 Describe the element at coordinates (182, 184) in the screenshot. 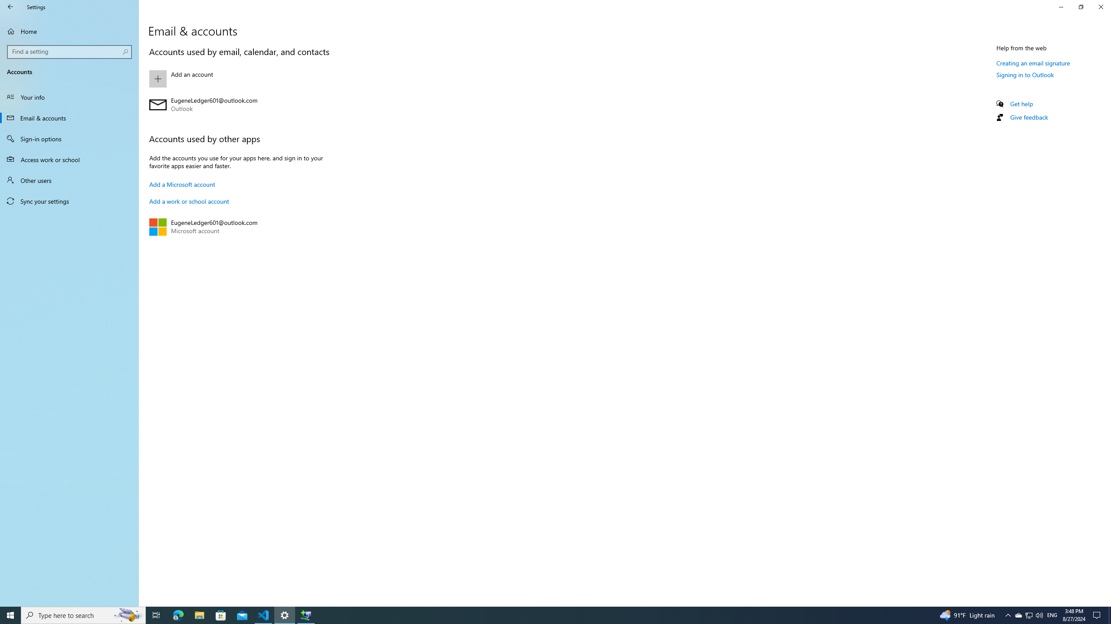

I see `'Add a Microsoft account'` at that location.